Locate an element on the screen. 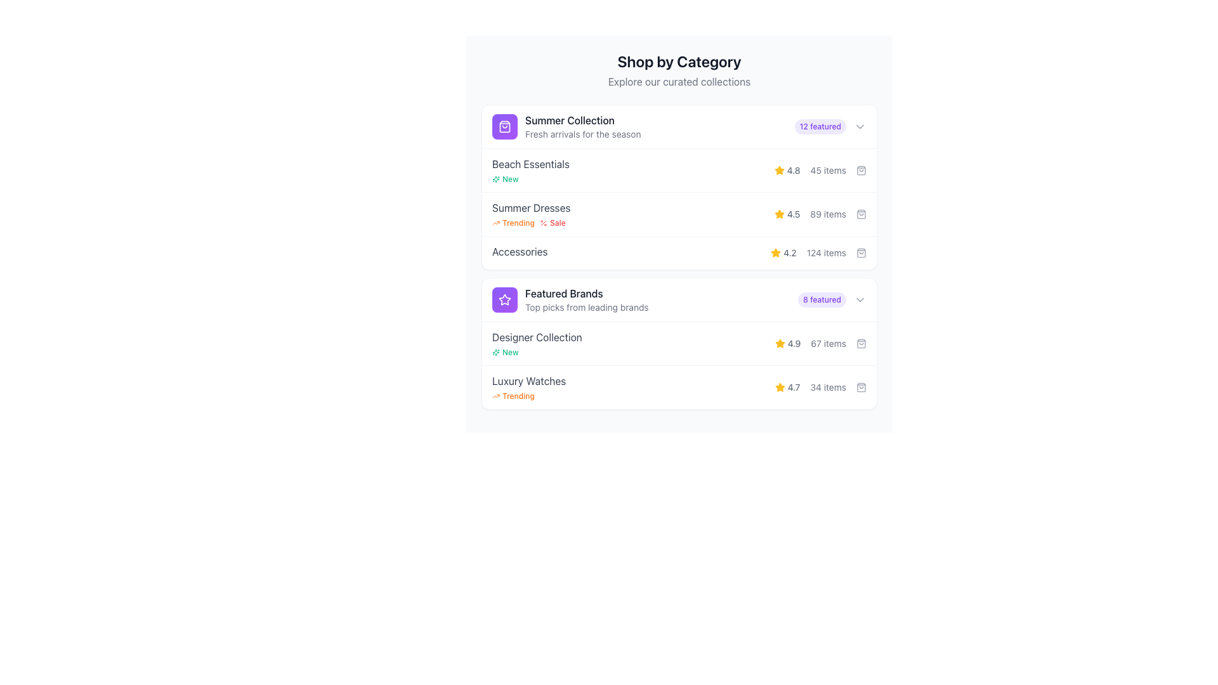  the Informational display component located in the 'Designer Collection' subsection, which includes a star icon, the text '4.9', '67 items', and a shopping bag icon is located at coordinates (820, 344).